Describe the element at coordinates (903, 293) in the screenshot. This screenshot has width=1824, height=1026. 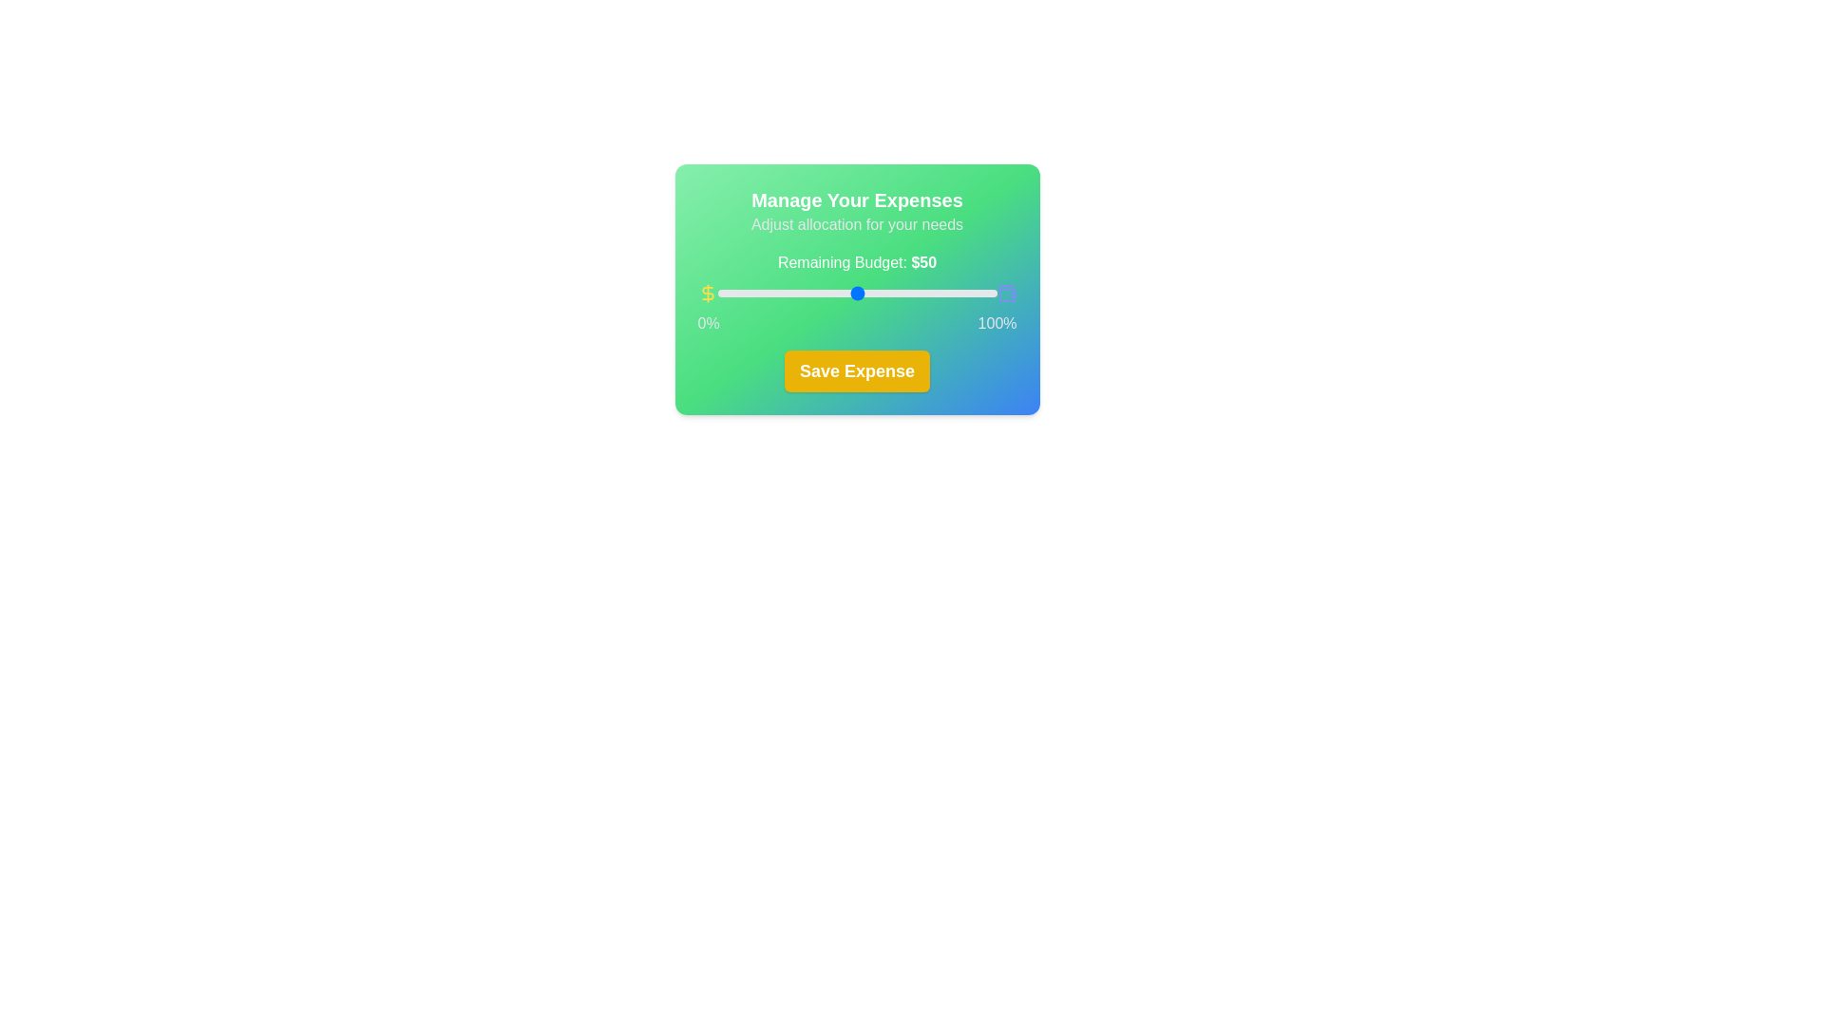
I see `the slider to set the budget allocation to 67%` at that location.